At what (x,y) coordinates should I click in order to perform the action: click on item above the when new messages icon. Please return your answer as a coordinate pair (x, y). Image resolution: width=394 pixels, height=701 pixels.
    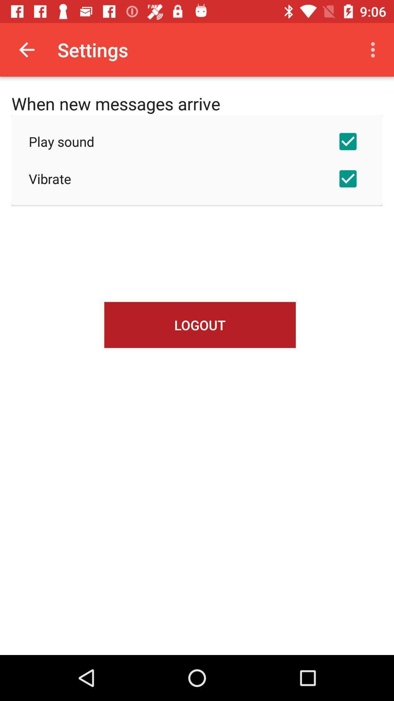
    Looking at the image, I should click on (26, 49).